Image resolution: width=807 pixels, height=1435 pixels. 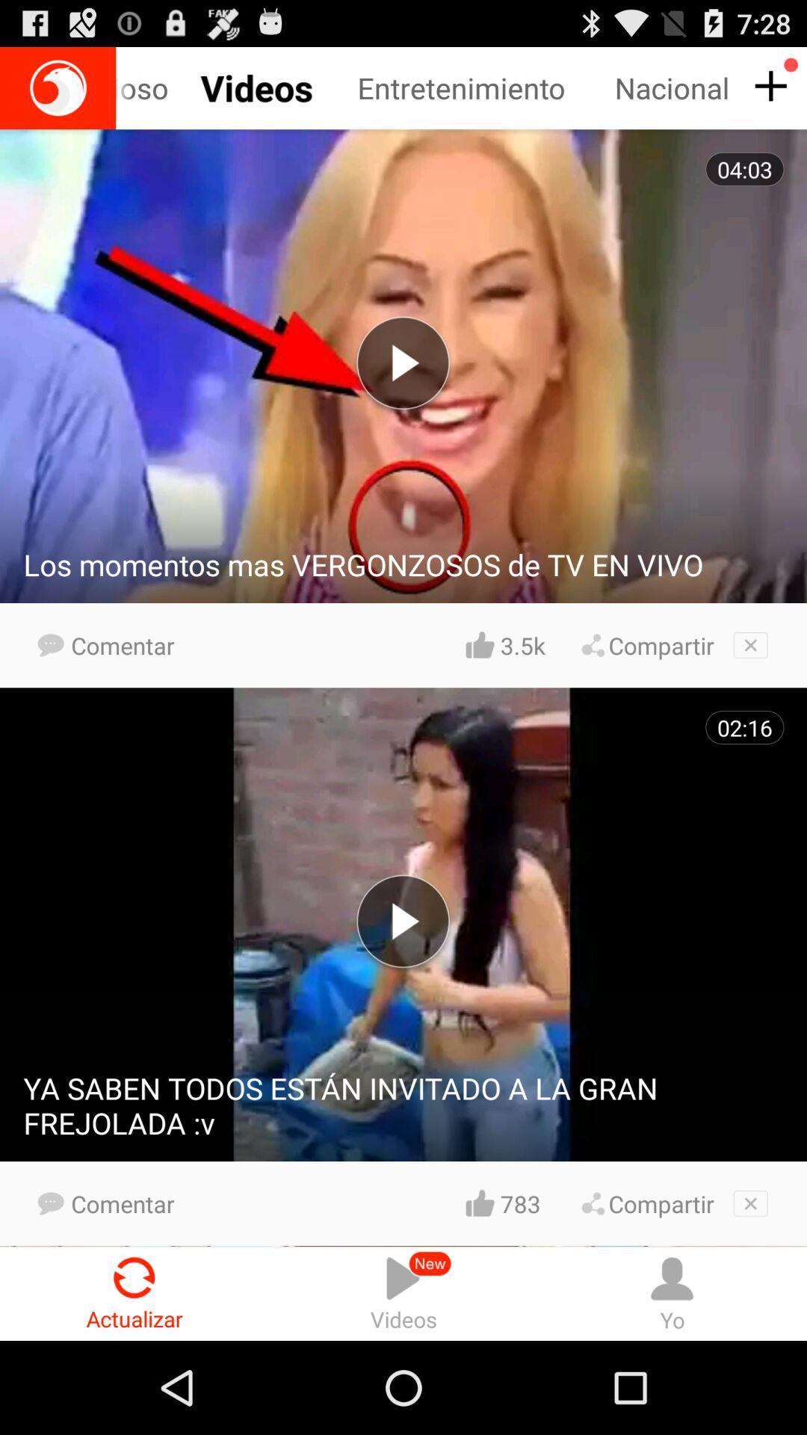 I want to click on gracioso, so click(x=167, y=87).